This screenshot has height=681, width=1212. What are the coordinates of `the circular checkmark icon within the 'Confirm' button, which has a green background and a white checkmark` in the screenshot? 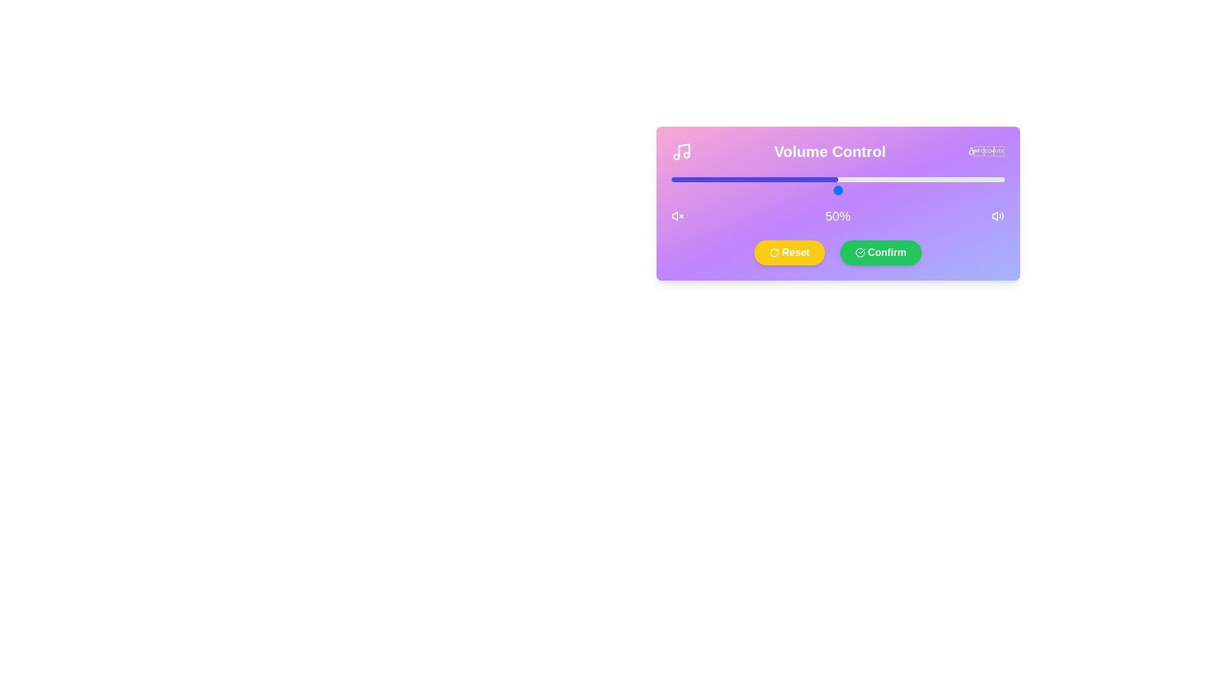 It's located at (859, 253).